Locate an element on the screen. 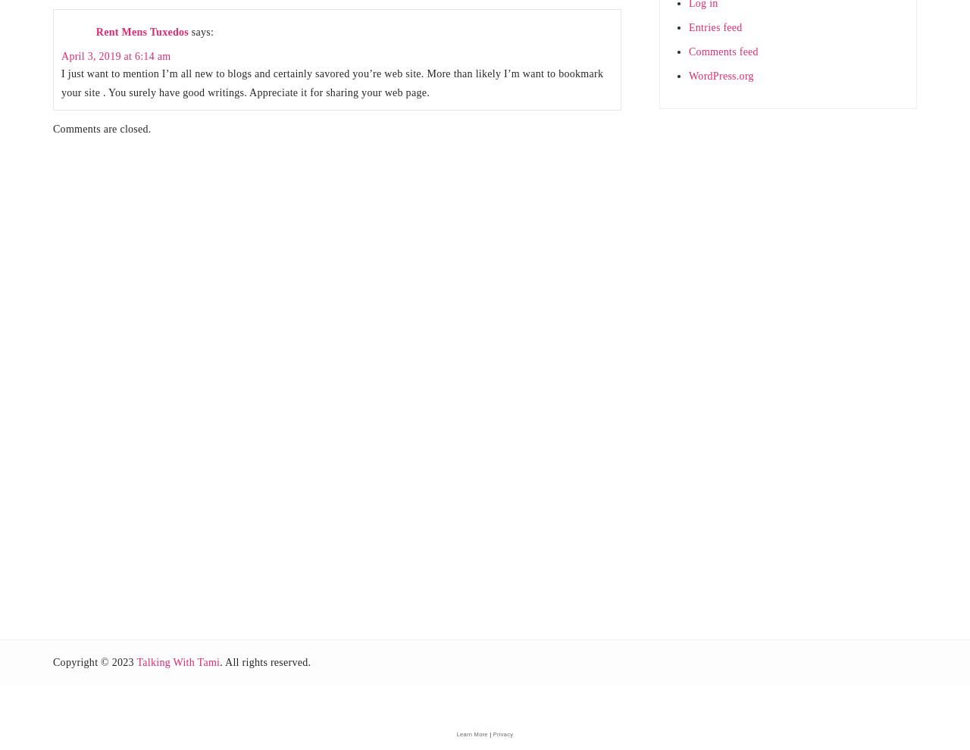 The height and width of the screenshot is (750, 970). 'Talking With Tami' is located at coordinates (178, 661).